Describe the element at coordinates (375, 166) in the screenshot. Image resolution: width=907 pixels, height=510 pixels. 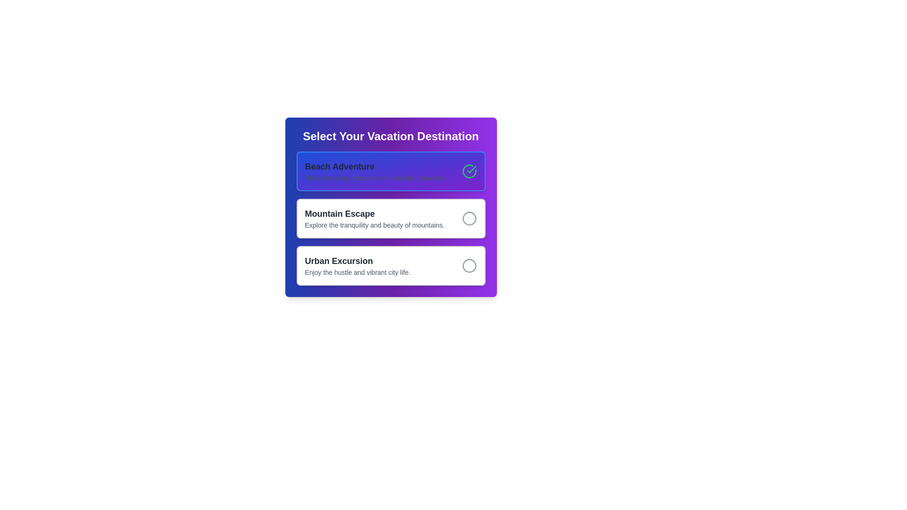
I see `the text element displaying the title 'Beach Adventure'` at that location.